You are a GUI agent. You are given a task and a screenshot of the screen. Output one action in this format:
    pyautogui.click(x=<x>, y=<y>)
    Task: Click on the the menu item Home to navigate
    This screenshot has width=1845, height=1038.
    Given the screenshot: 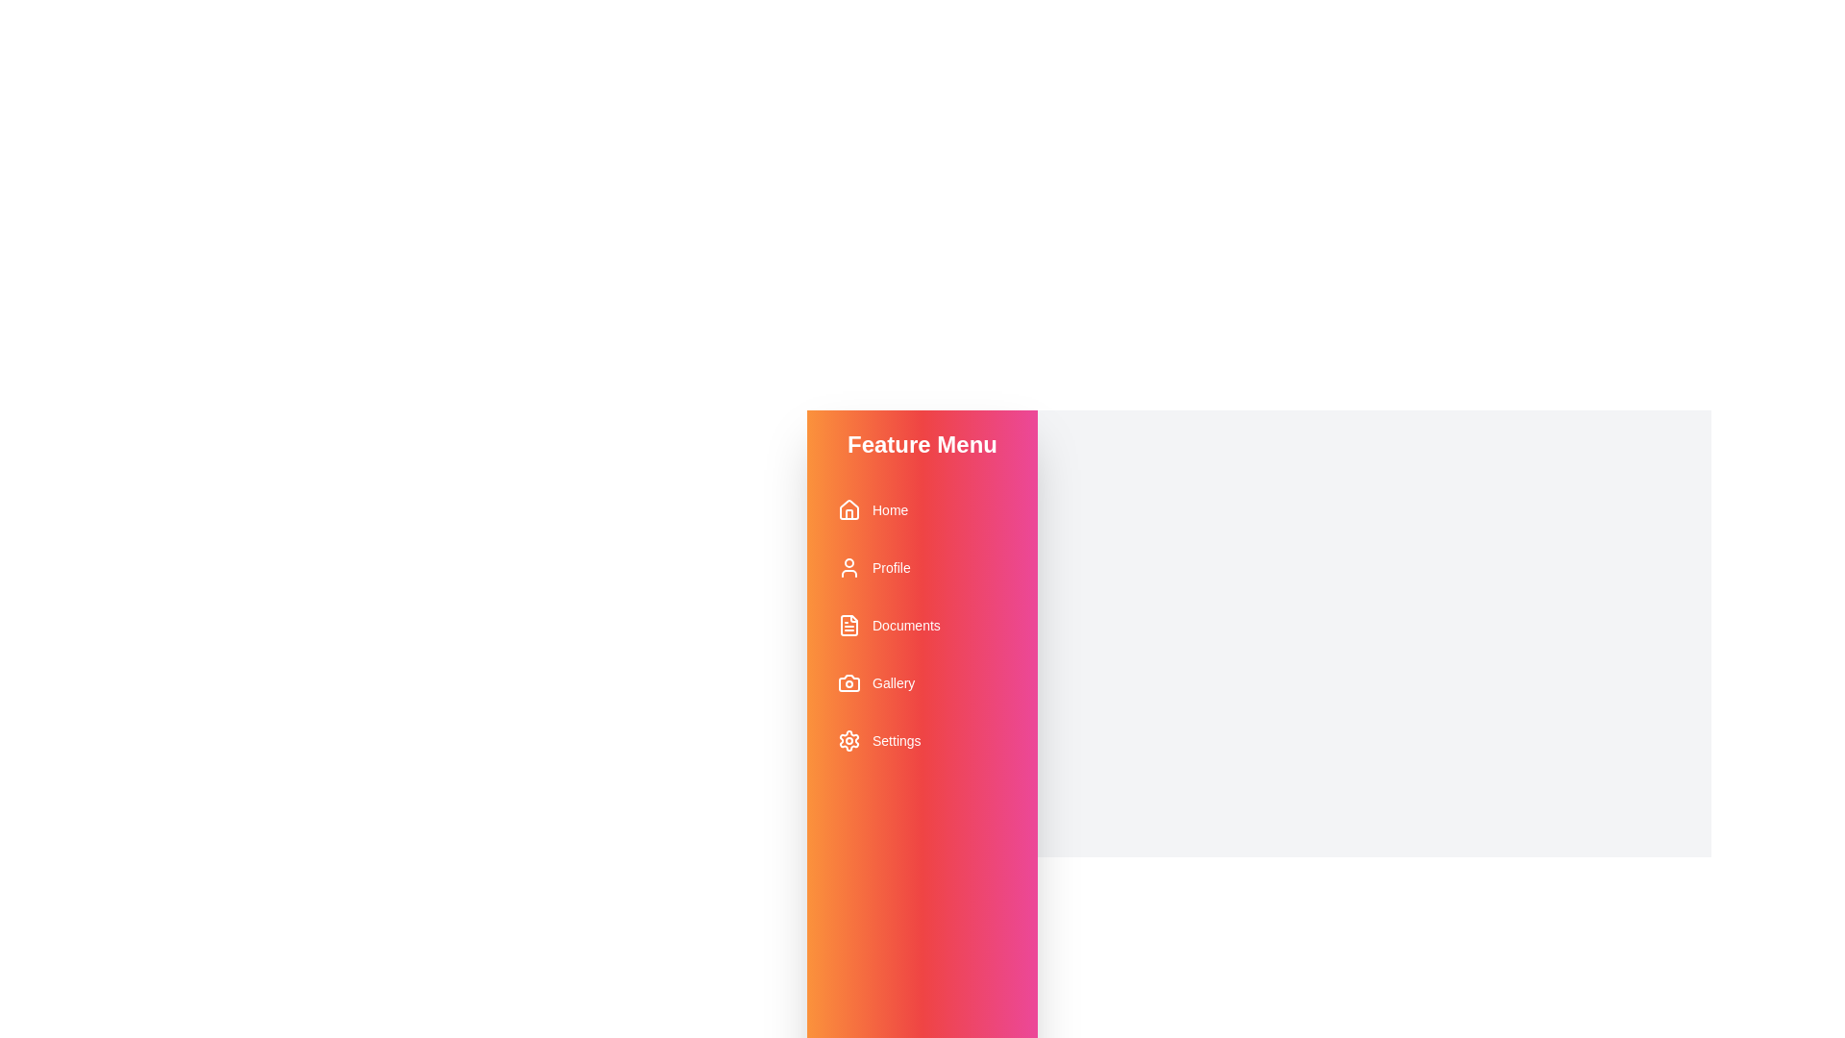 What is the action you would take?
    pyautogui.click(x=922, y=509)
    